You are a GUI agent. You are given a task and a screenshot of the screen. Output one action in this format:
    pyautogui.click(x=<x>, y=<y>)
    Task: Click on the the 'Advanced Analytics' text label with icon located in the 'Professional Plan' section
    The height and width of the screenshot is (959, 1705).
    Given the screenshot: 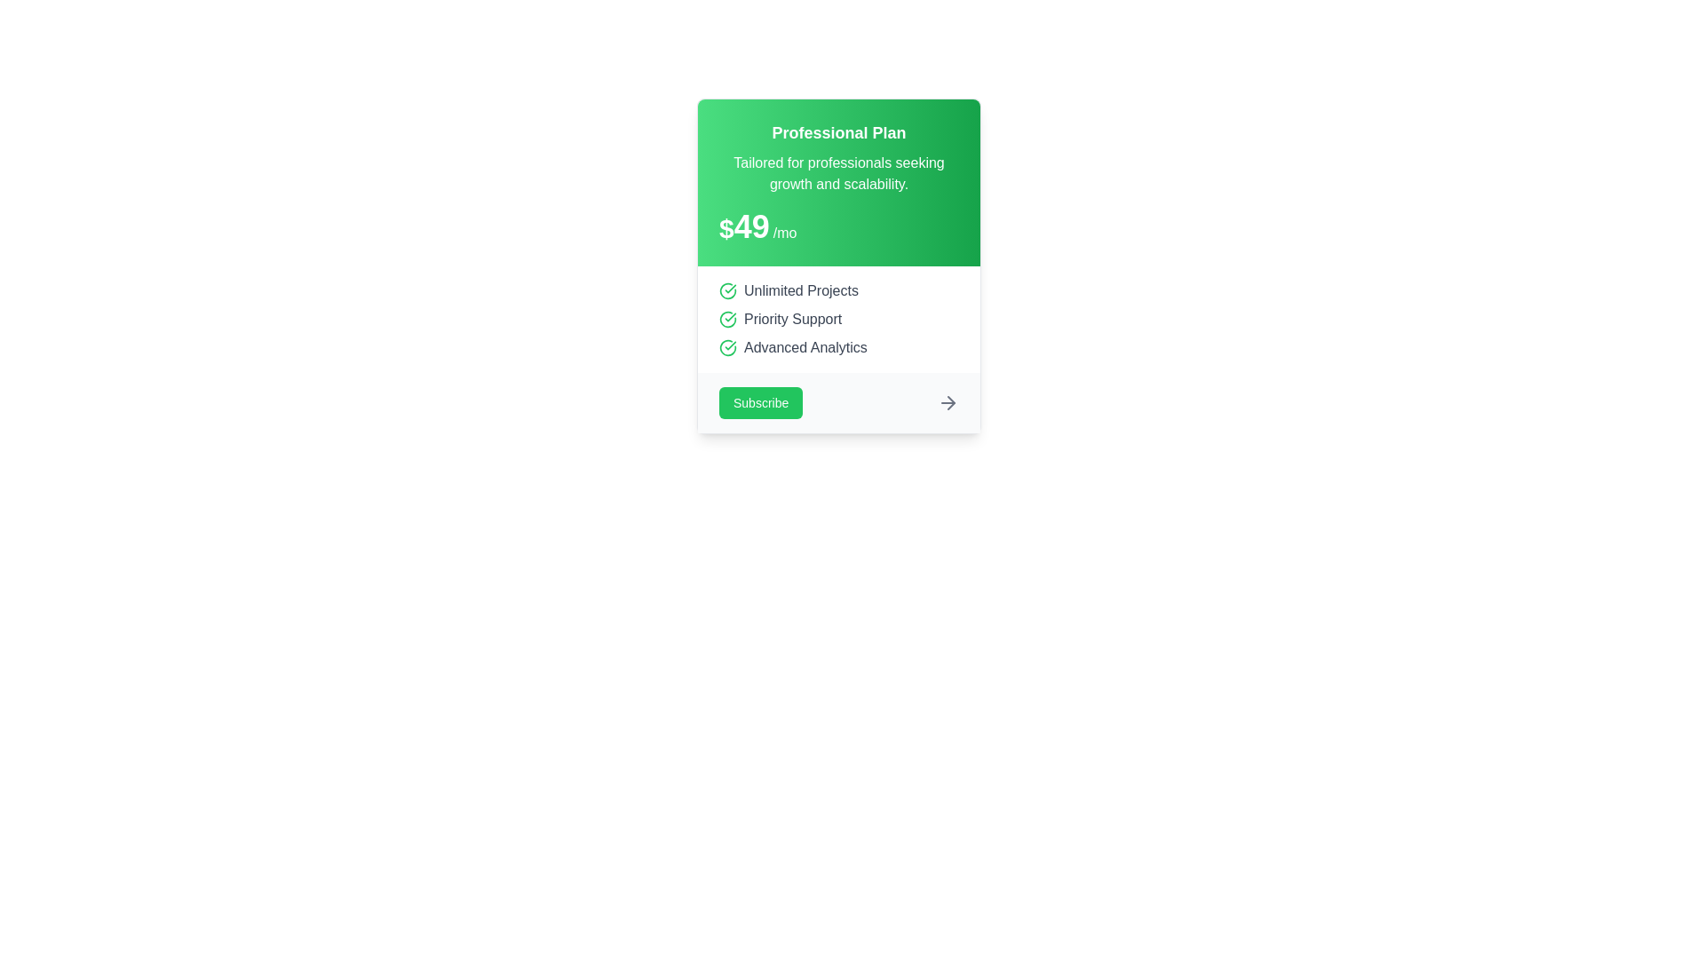 What is the action you would take?
    pyautogui.click(x=838, y=348)
    